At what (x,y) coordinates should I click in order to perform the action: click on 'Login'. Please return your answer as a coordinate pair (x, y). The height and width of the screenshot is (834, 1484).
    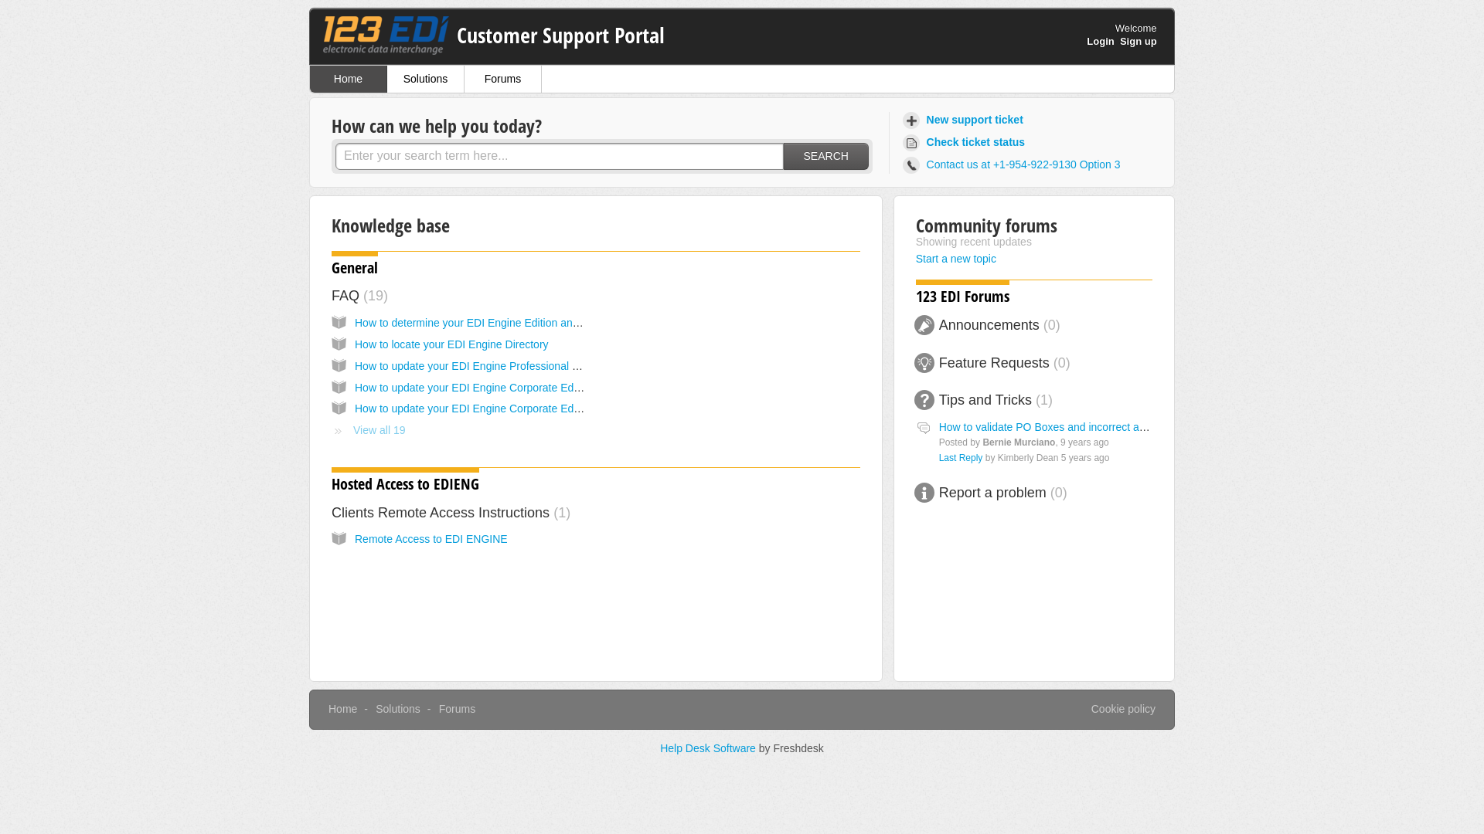
    Looking at the image, I should click on (1099, 40).